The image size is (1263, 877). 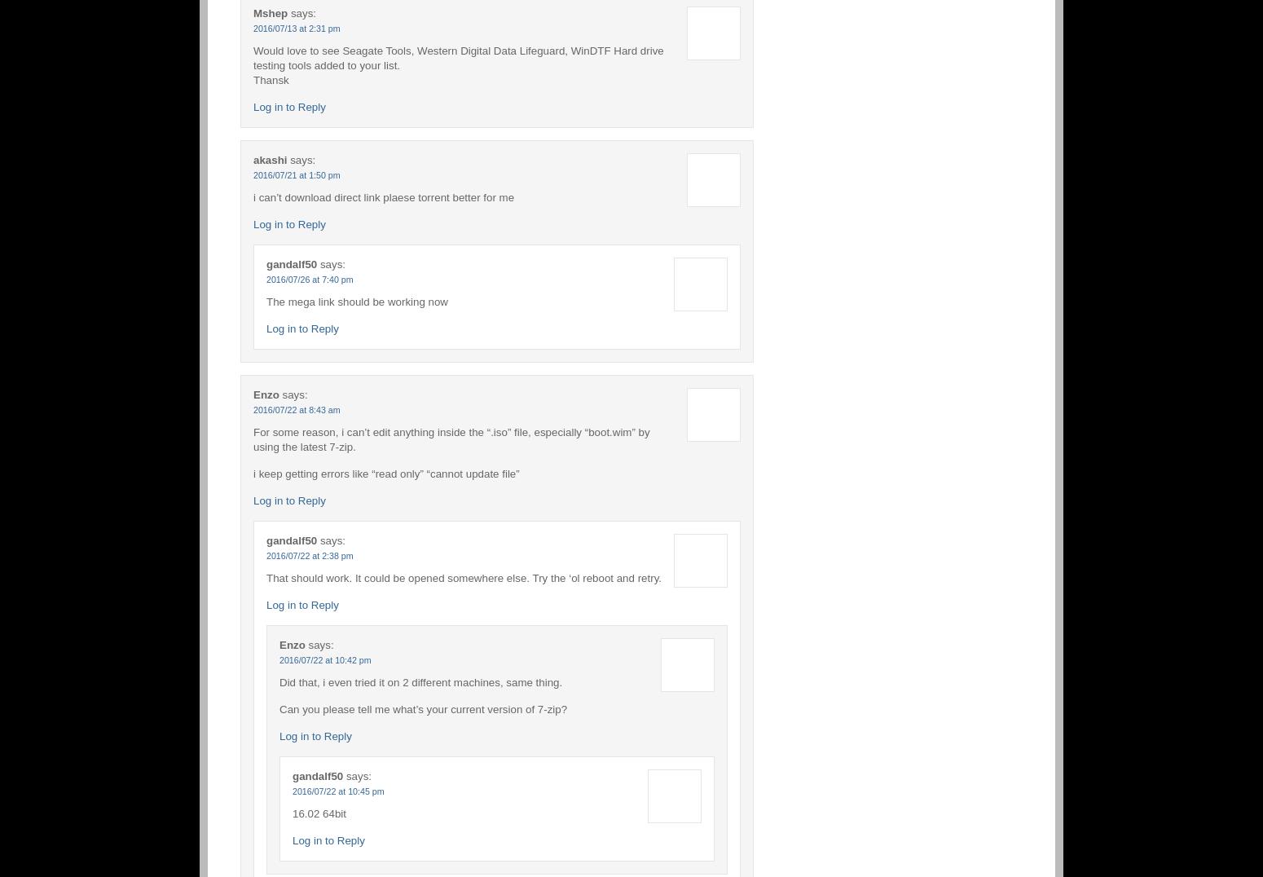 I want to click on '2016/07/21 at 1:50 pm', so click(x=295, y=174).